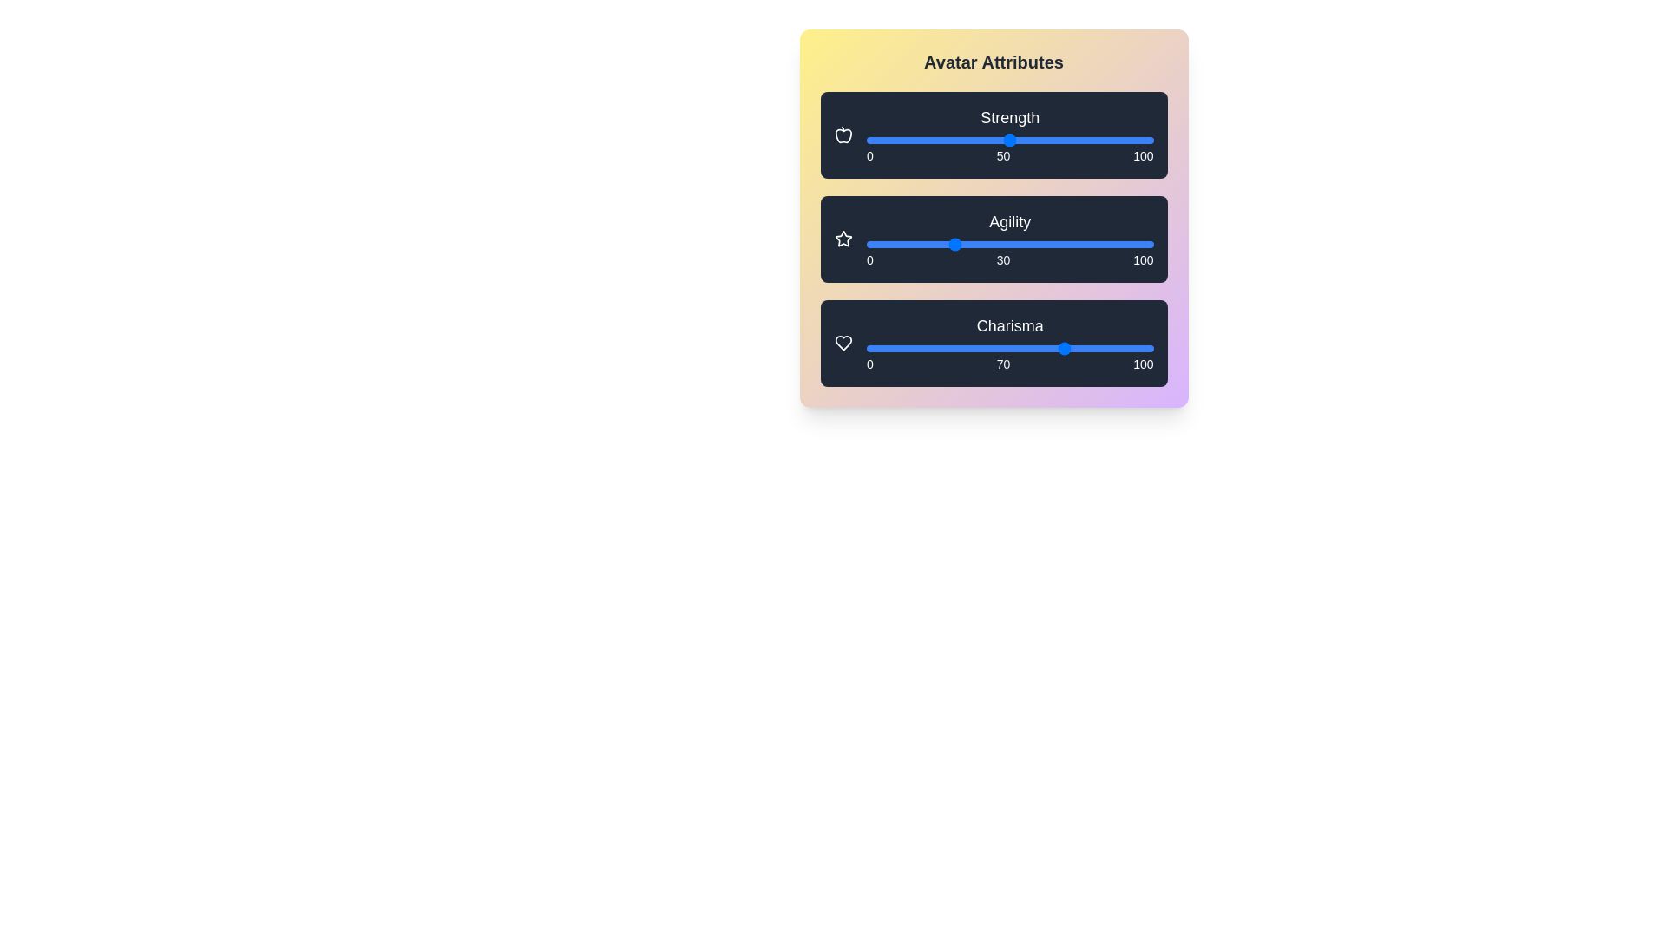 The height and width of the screenshot is (937, 1666). I want to click on the heart icon next to 'Charisma', so click(843, 344).